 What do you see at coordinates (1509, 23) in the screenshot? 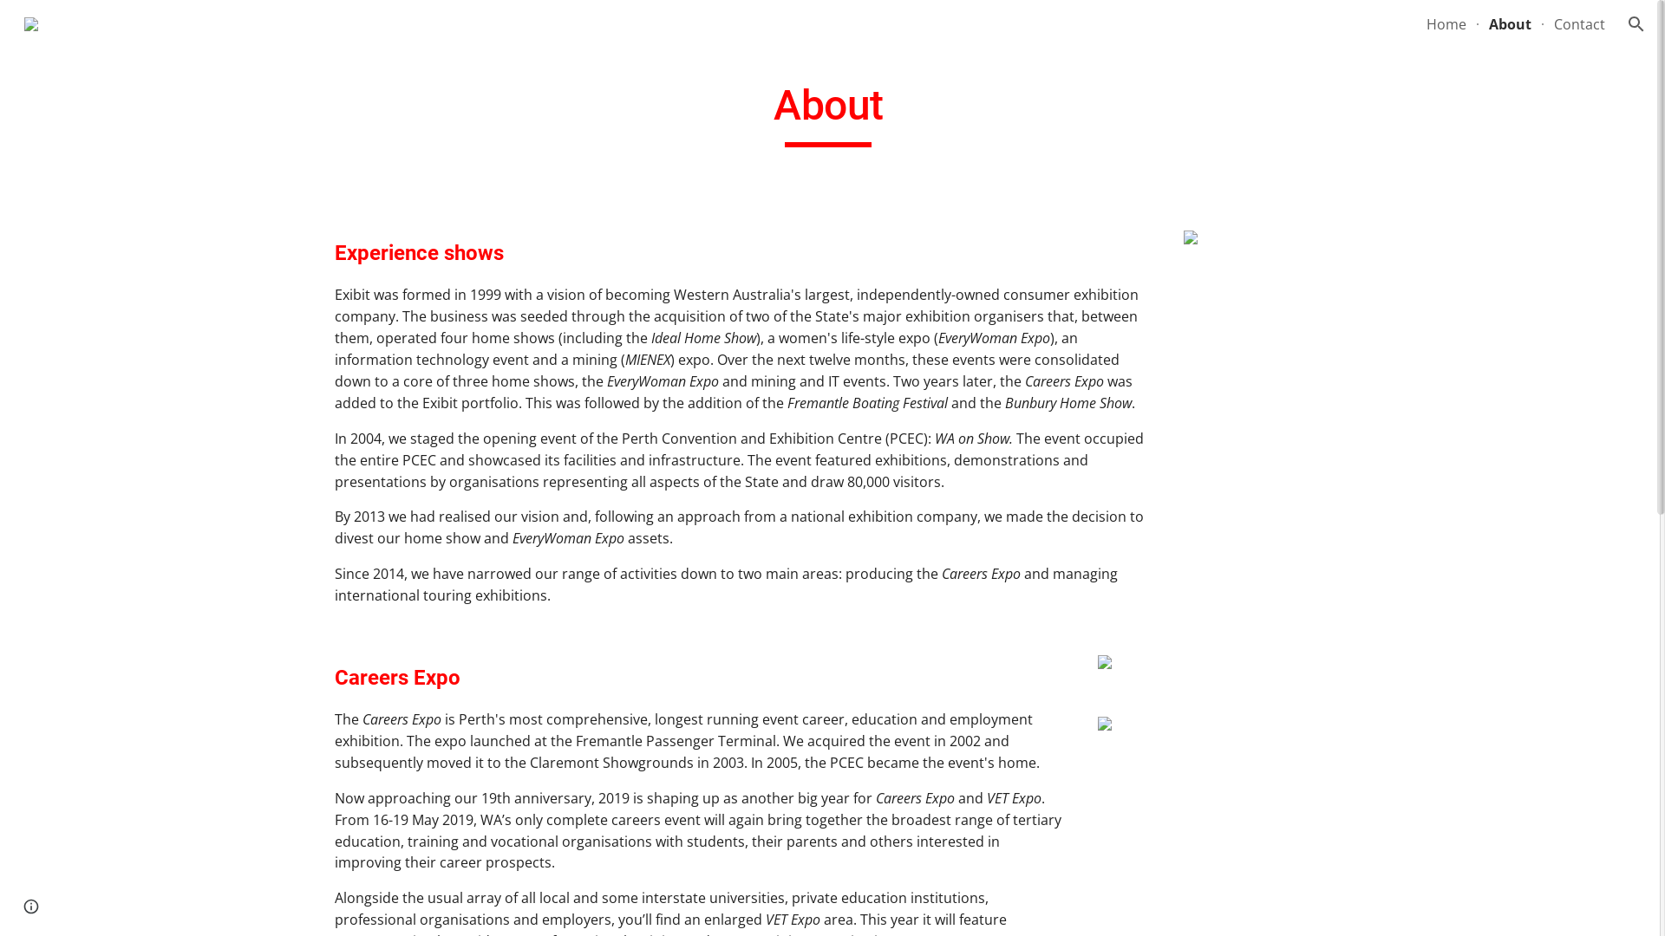
I see `'About'` at bounding box center [1509, 23].